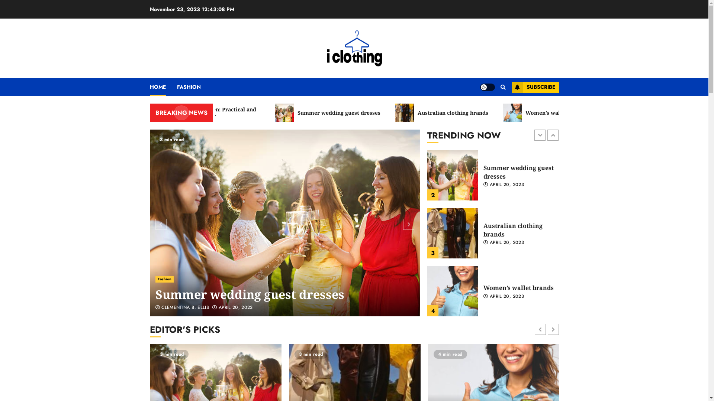 This screenshot has height=401, width=714. I want to click on 'Summer wedding guest dresses', so click(250, 294).